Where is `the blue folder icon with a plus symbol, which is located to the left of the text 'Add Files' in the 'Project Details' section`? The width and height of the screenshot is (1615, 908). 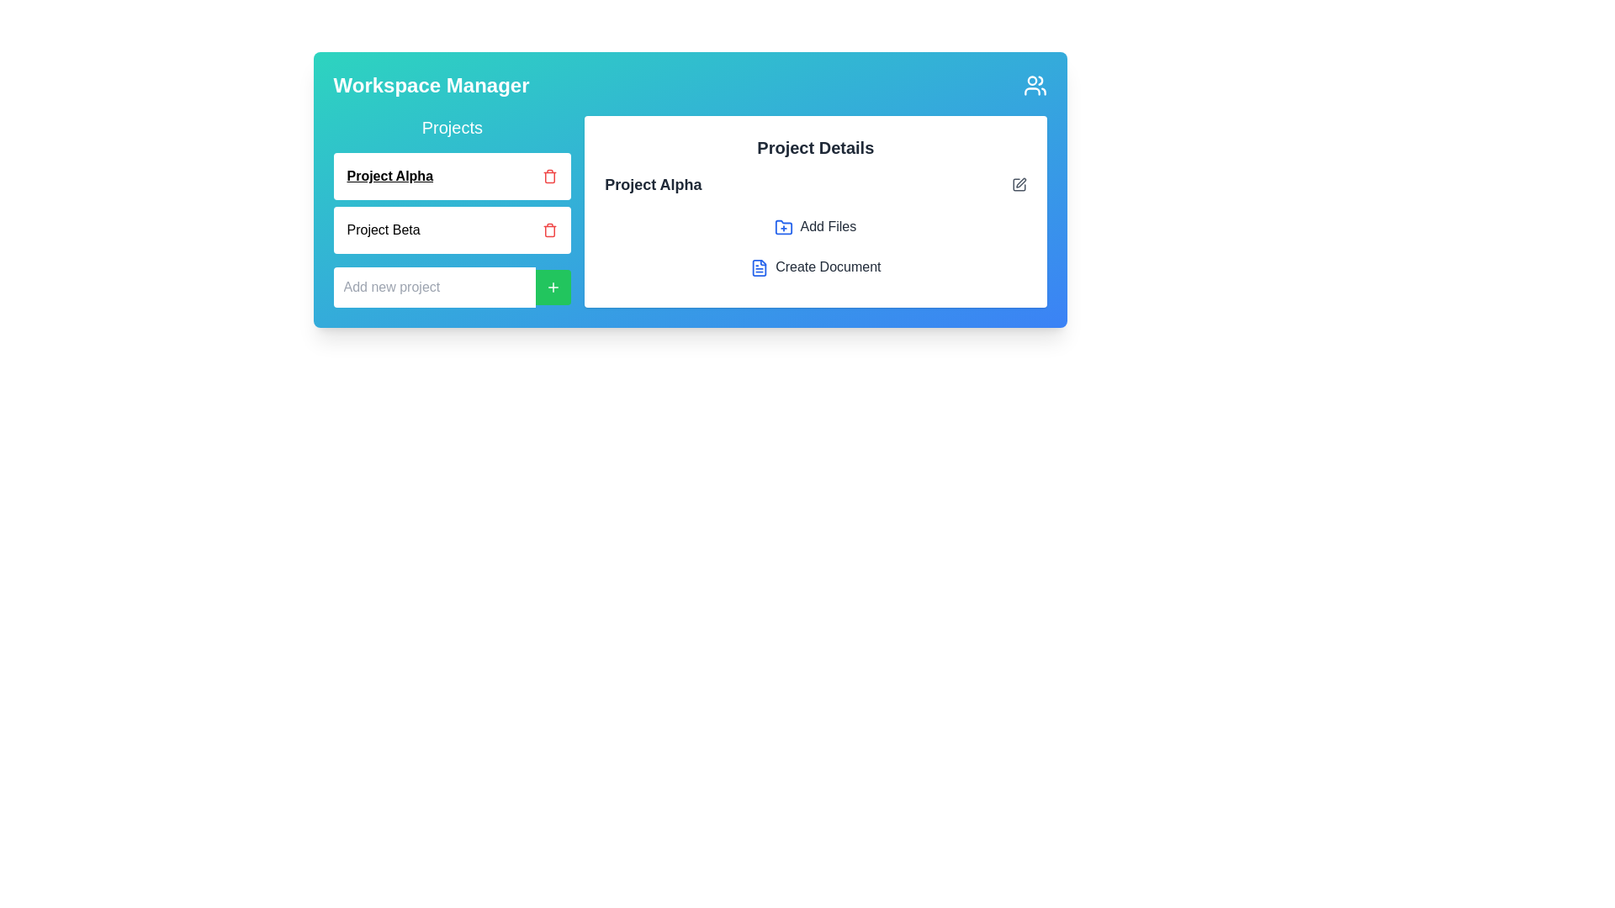 the blue folder icon with a plus symbol, which is located to the left of the text 'Add Files' in the 'Project Details' section is located at coordinates (783, 227).